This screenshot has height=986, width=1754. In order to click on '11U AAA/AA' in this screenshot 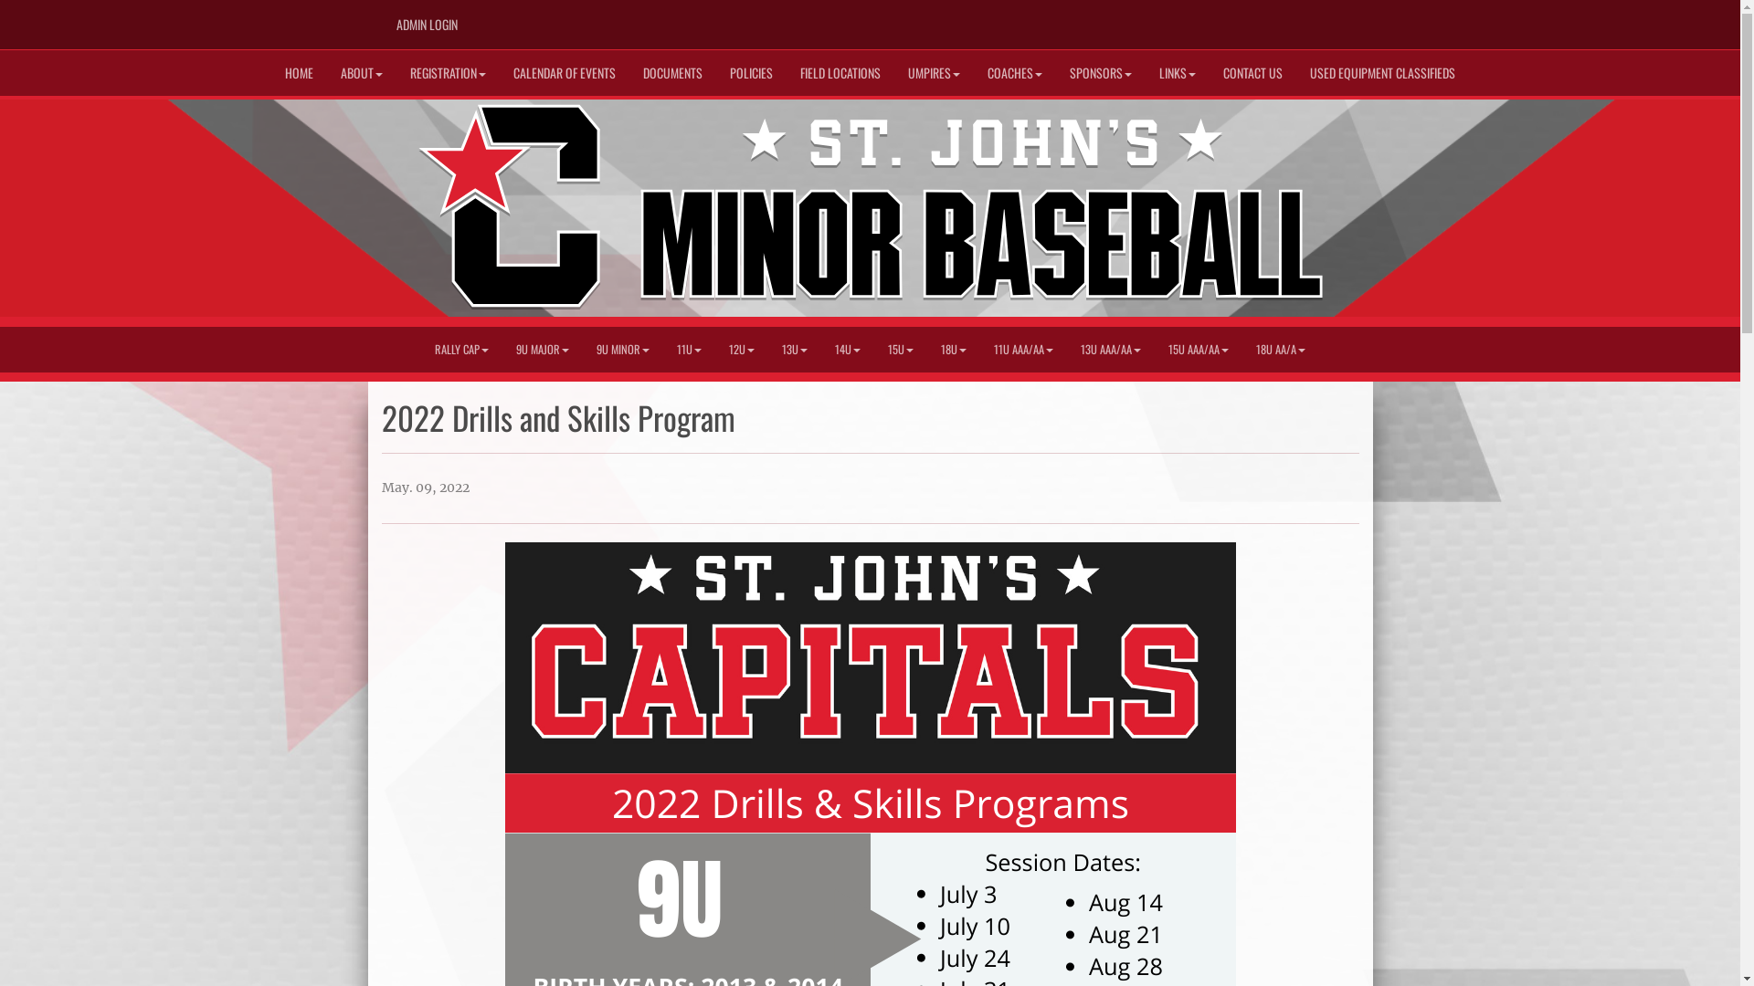, I will do `click(1023, 349)`.